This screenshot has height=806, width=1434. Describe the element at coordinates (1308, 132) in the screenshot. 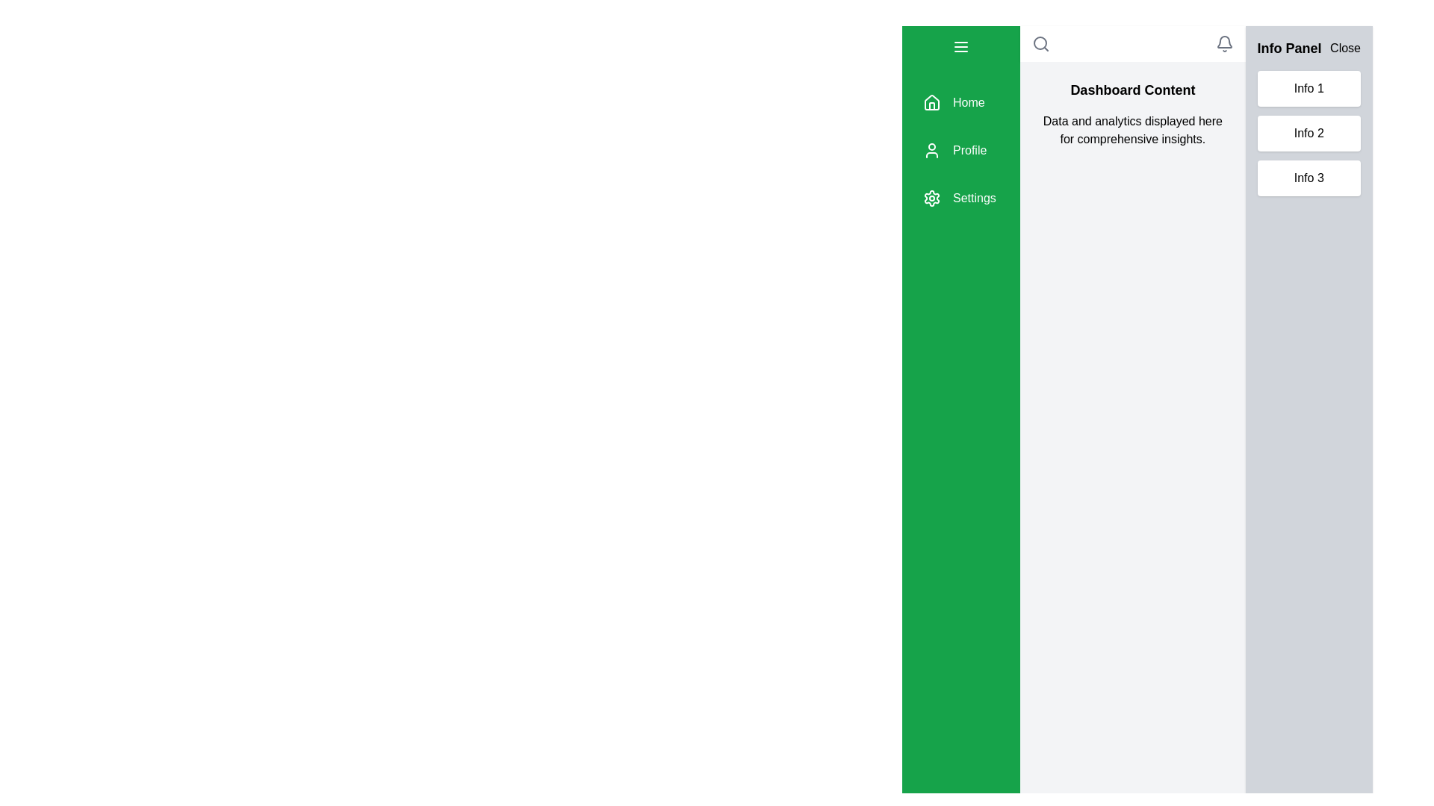

I see `text displayed in the List located on the rightmost grey panel below the 'Info Panel' header and 'Close' button` at that location.